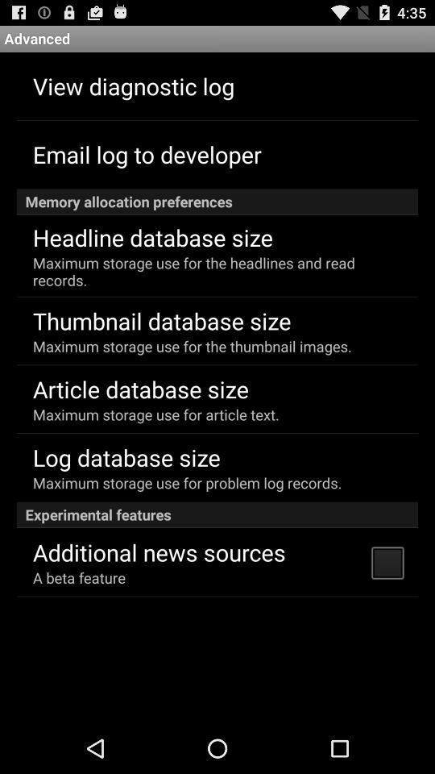  What do you see at coordinates (159, 551) in the screenshot?
I see `app at the bottom` at bounding box center [159, 551].